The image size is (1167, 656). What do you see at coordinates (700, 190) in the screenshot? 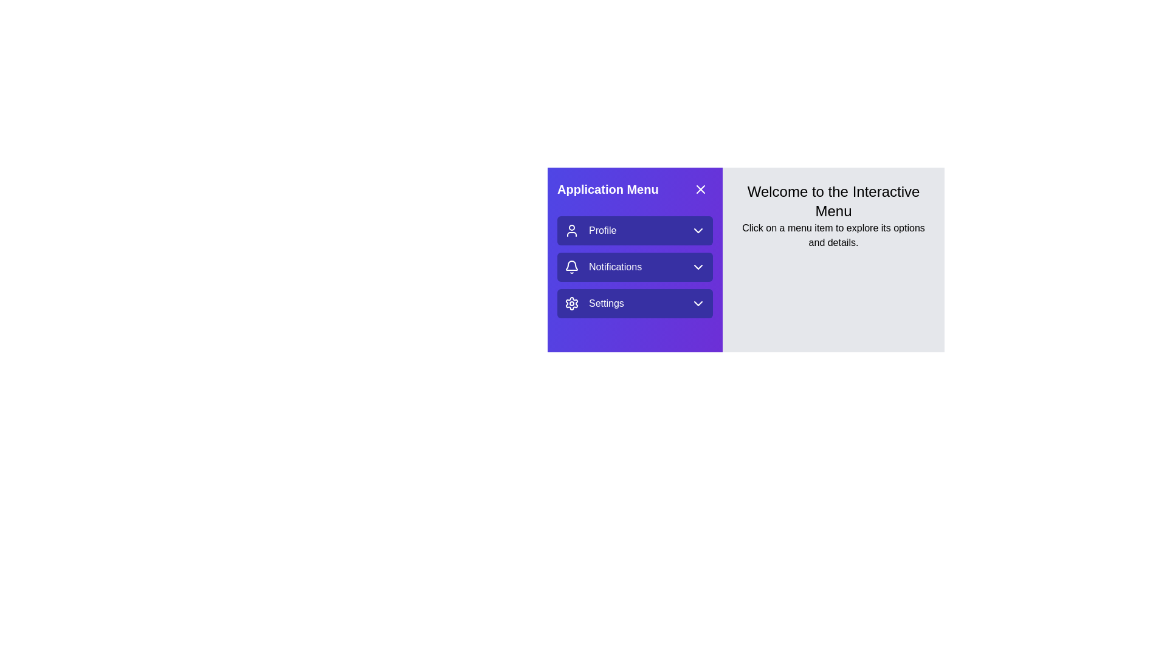
I see `the close icon button located at the top-right corner of the purple 'Application Menu' section to interact with it` at bounding box center [700, 190].